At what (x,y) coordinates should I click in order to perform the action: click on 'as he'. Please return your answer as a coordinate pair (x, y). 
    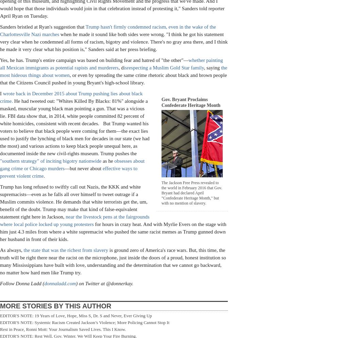
    Looking at the image, I should click on (107, 160).